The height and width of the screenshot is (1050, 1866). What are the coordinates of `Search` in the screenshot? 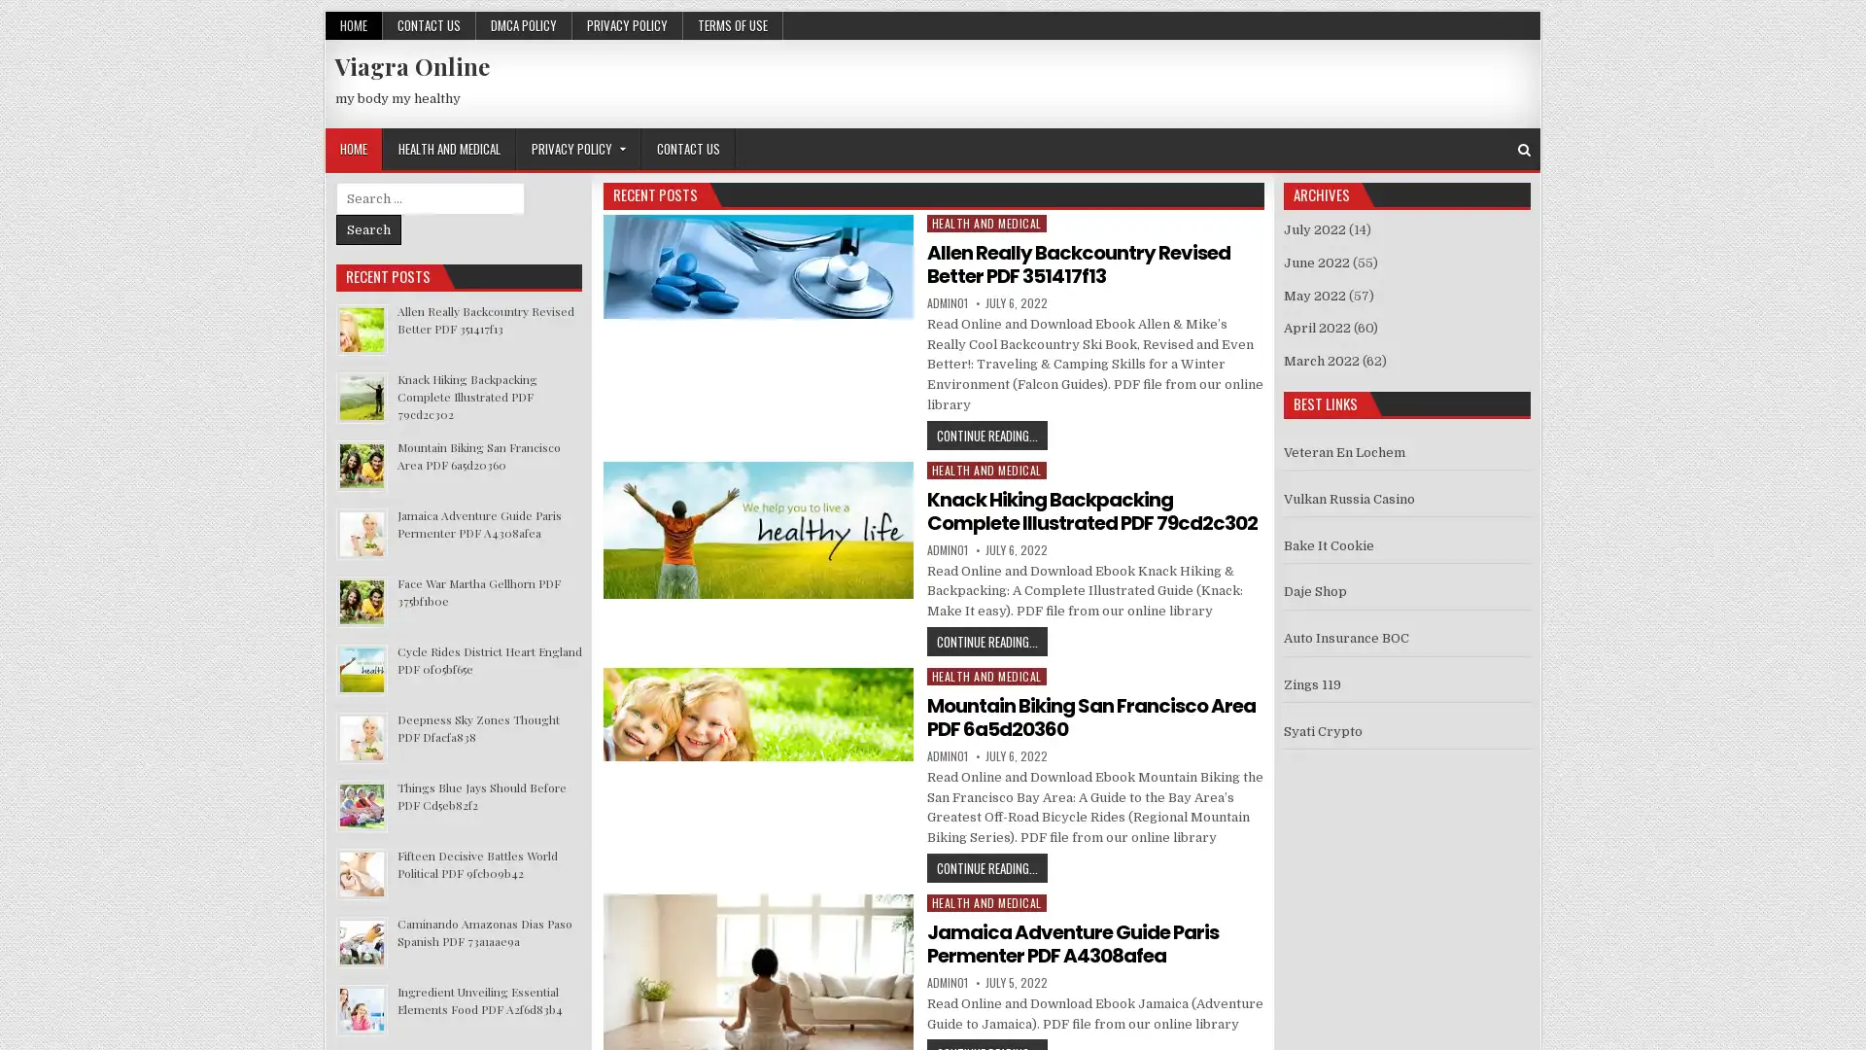 It's located at (367, 228).